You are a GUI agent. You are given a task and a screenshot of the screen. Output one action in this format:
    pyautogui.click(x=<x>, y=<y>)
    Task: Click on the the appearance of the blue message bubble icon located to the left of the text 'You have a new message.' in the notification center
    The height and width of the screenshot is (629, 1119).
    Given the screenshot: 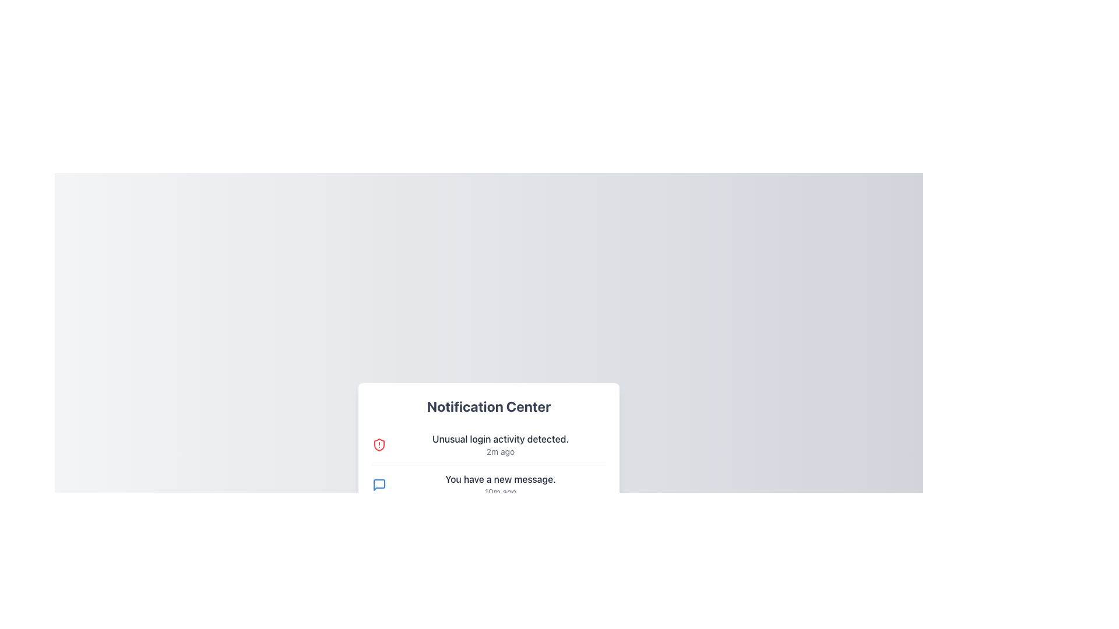 What is the action you would take?
    pyautogui.click(x=379, y=485)
    